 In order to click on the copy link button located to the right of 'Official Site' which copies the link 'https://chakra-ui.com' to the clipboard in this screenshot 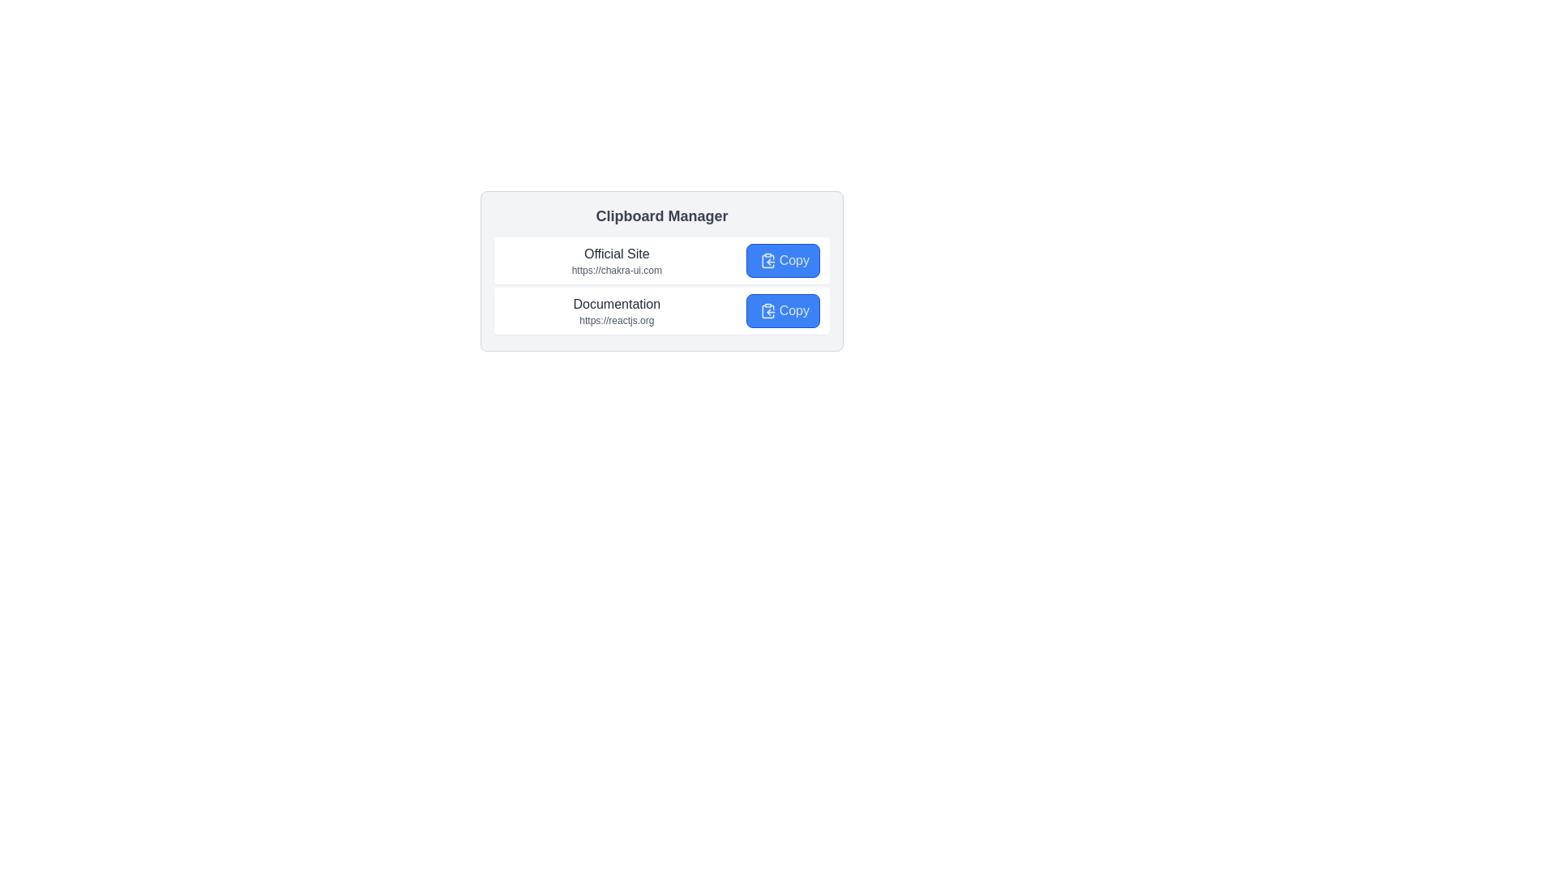, I will do `click(783, 259)`.